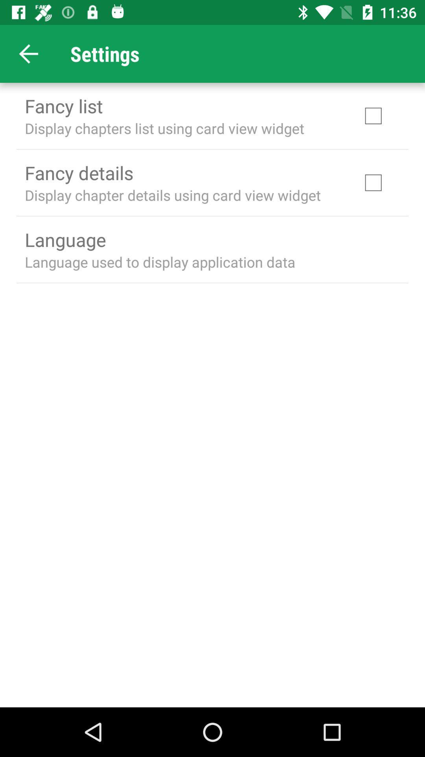 The width and height of the screenshot is (425, 757). What do you see at coordinates (164, 128) in the screenshot?
I see `the display chapters list icon` at bounding box center [164, 128].